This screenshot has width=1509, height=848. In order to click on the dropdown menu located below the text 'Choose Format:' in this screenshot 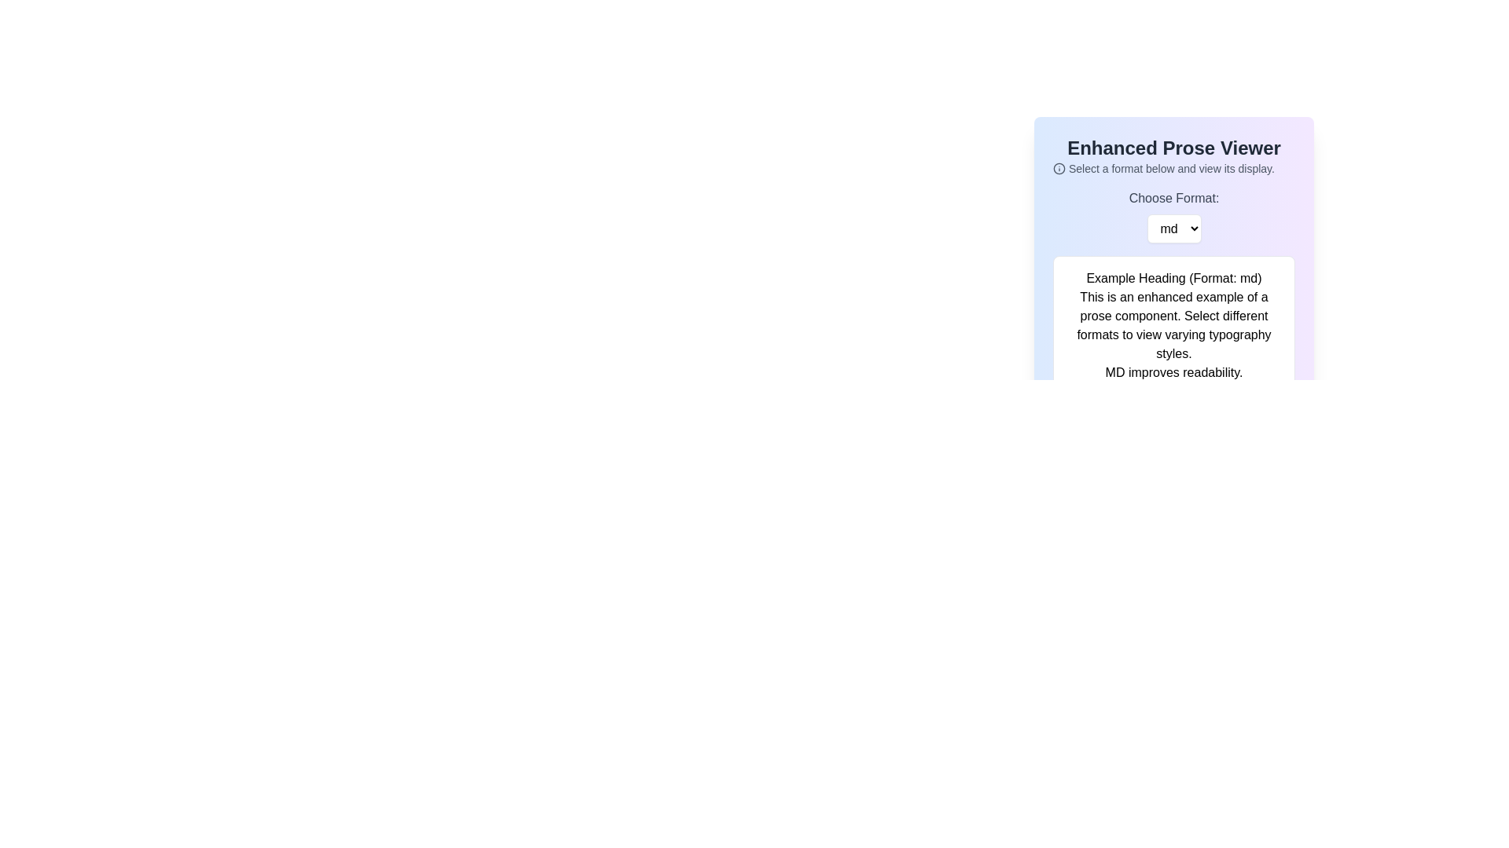, I will do `click(1173, 239)`.